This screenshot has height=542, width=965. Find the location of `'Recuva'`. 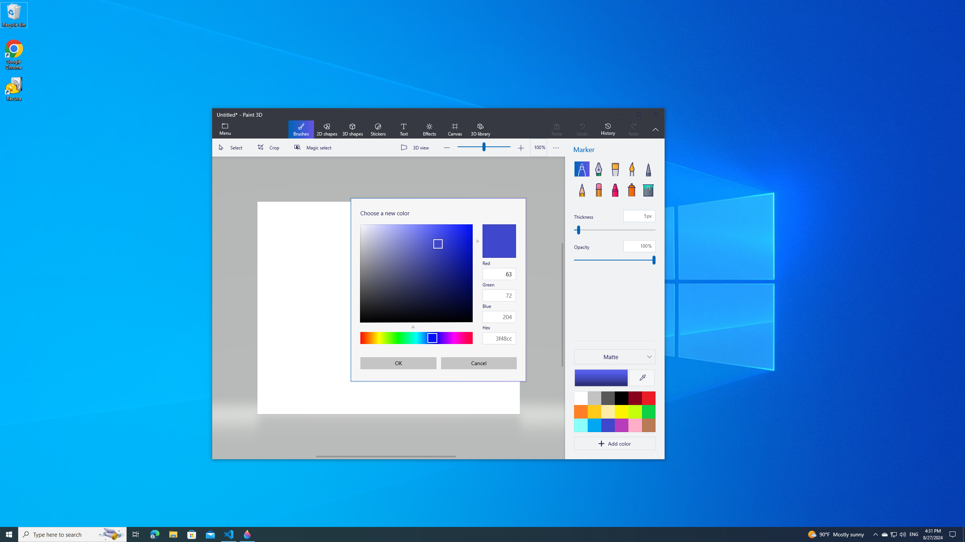

'Recuva' is located at coordinates (14, 88).